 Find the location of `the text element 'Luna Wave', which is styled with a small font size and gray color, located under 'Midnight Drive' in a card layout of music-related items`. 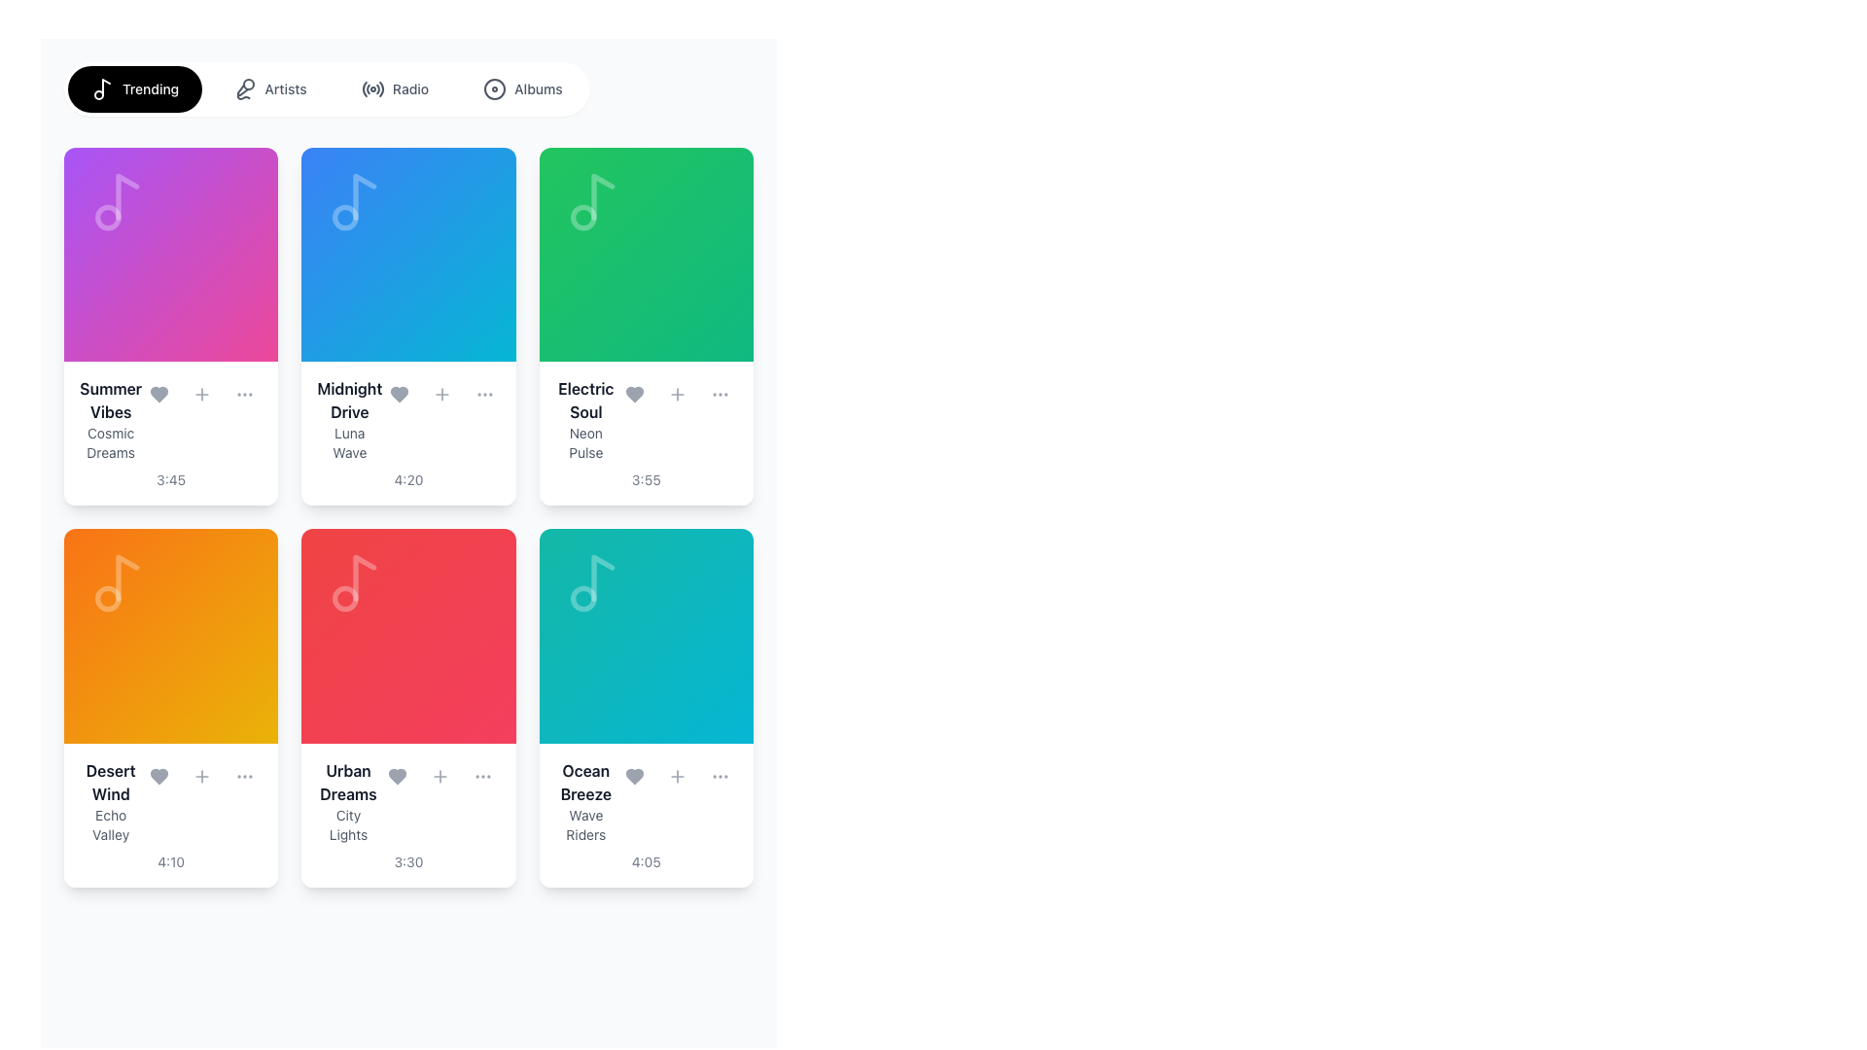

the text element 'Luna Wave', which is styled with a small font size and gray color, located under 'Midnight Drive' in a card layout of music-related items is located at coordinates (349, 443).